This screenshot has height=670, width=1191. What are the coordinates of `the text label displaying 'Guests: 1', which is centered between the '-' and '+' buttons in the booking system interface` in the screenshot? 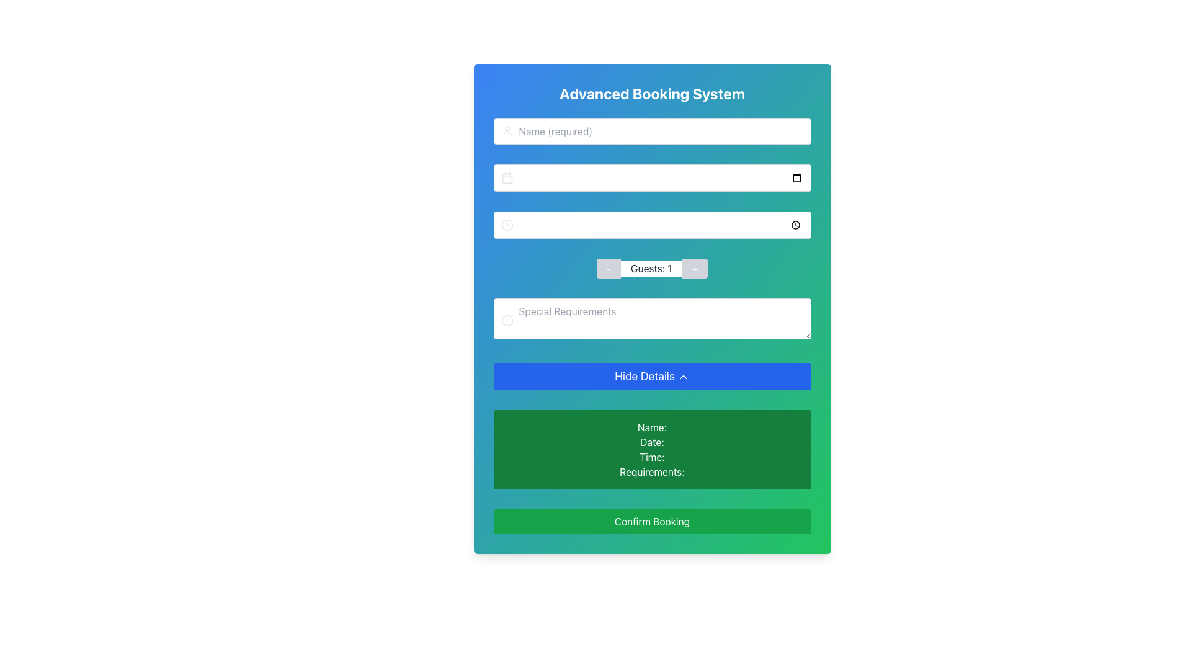 It's located at (651, 267).